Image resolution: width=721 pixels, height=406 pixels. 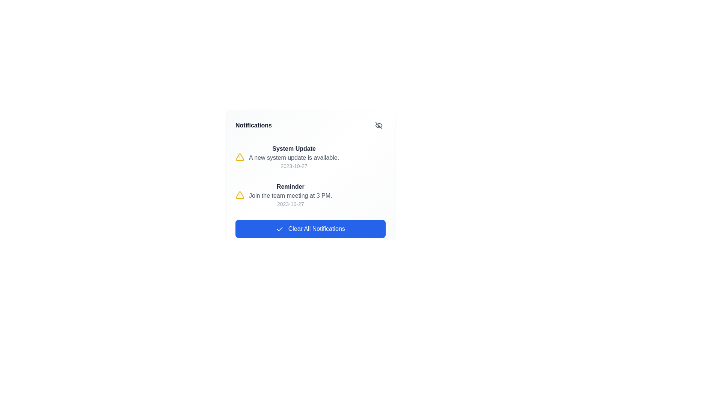 What do you see at coordinates (279, 229) in the screenshot?
I see `the visual state of the checkmark icon located within the 'Clear All Notifications' button, specifically positioned towards the left side near the center of the button` at bounding box center [279, 229].